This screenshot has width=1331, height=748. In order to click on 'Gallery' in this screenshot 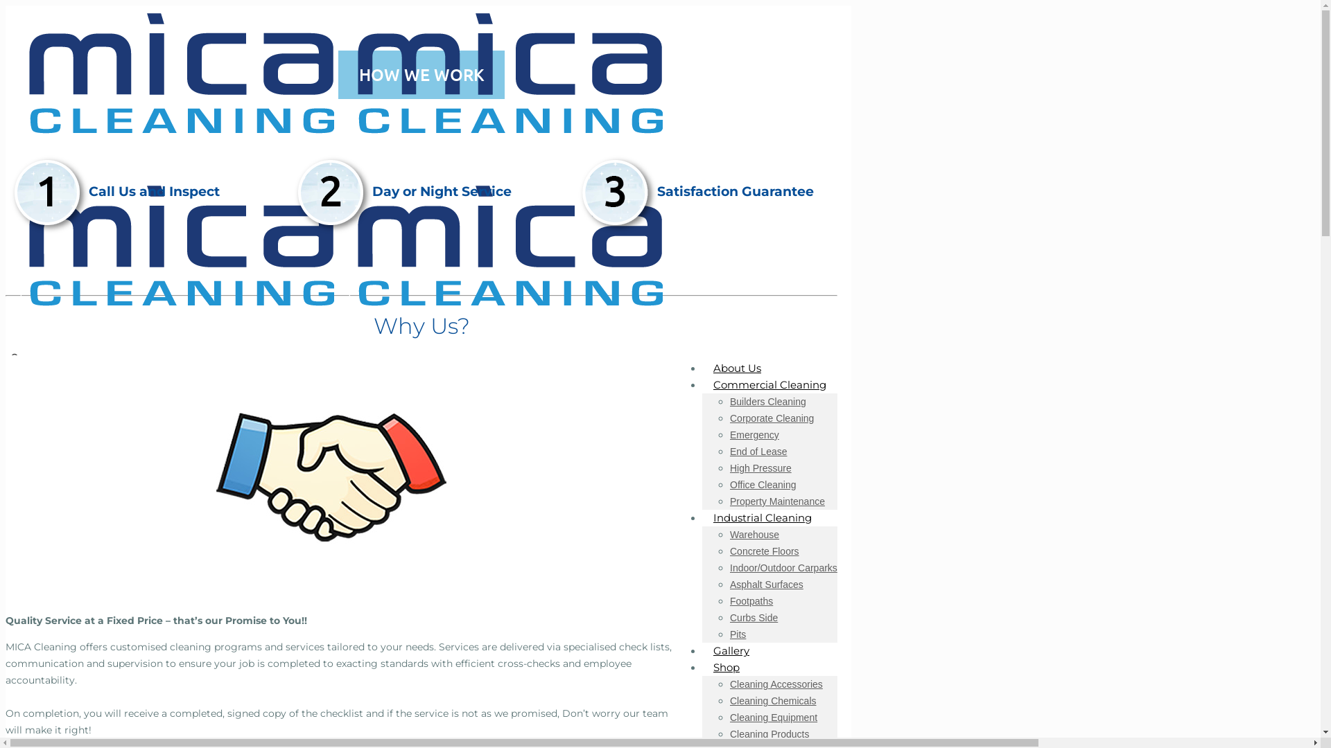, I will do `click(731, 650)`.